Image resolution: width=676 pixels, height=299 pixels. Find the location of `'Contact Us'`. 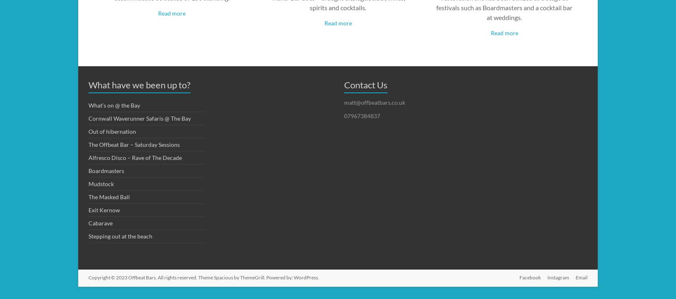

'Contact Us' is located at coordinates (365, 84).